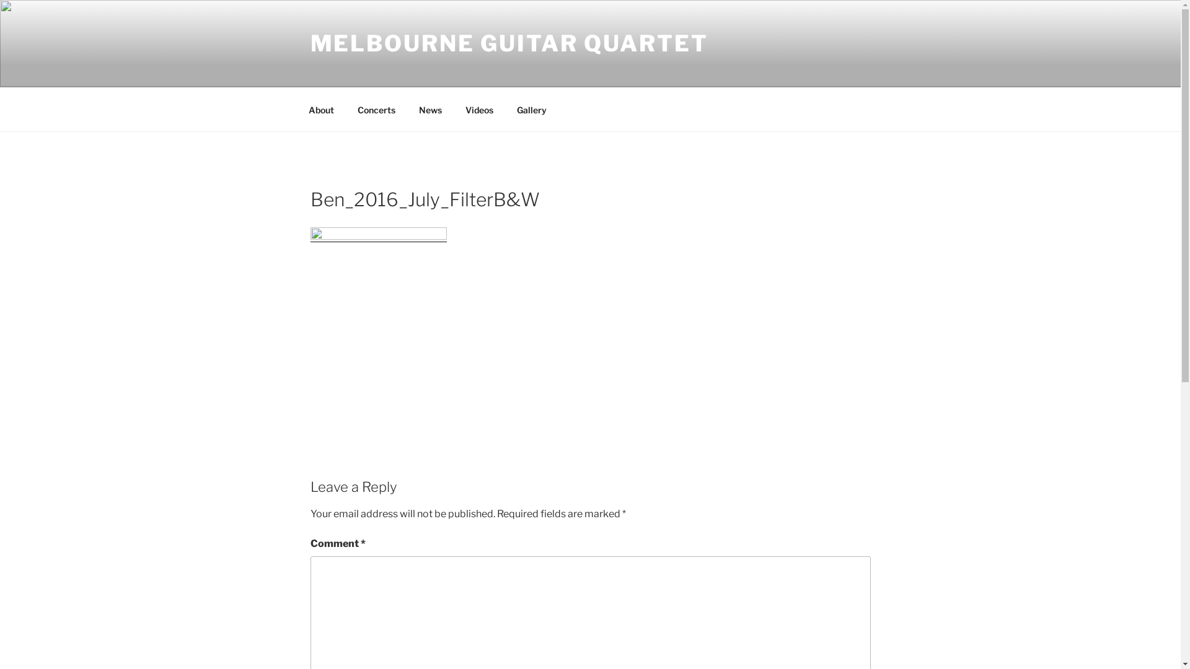  What do you see at coordinates (321, 108) in the screenshot?
I see `'About'` at bounding box center [321, 108].